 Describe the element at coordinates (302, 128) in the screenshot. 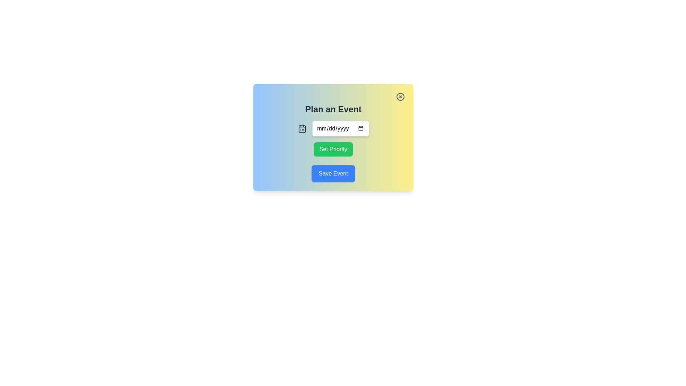

I see `the small minimalist calendar icon located to the left of the date input field in the 'Plan an Event' form` at that location.